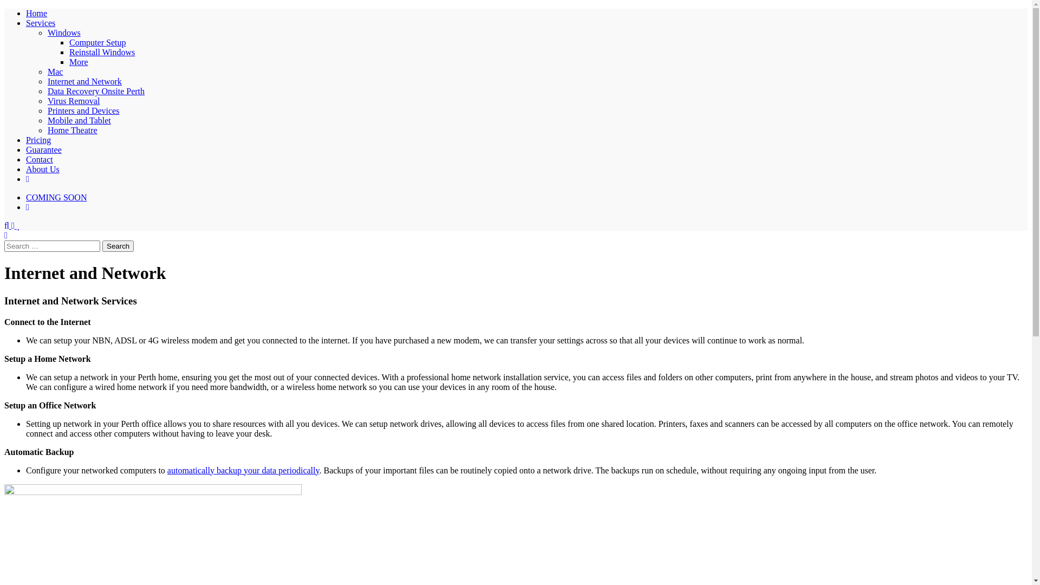 The width and height of the screenshot is (1040, 585). What do you see at coordinates (73, 101) in the screenshot?
I see `'Virus Removal'` at bounding box center [73, 101].